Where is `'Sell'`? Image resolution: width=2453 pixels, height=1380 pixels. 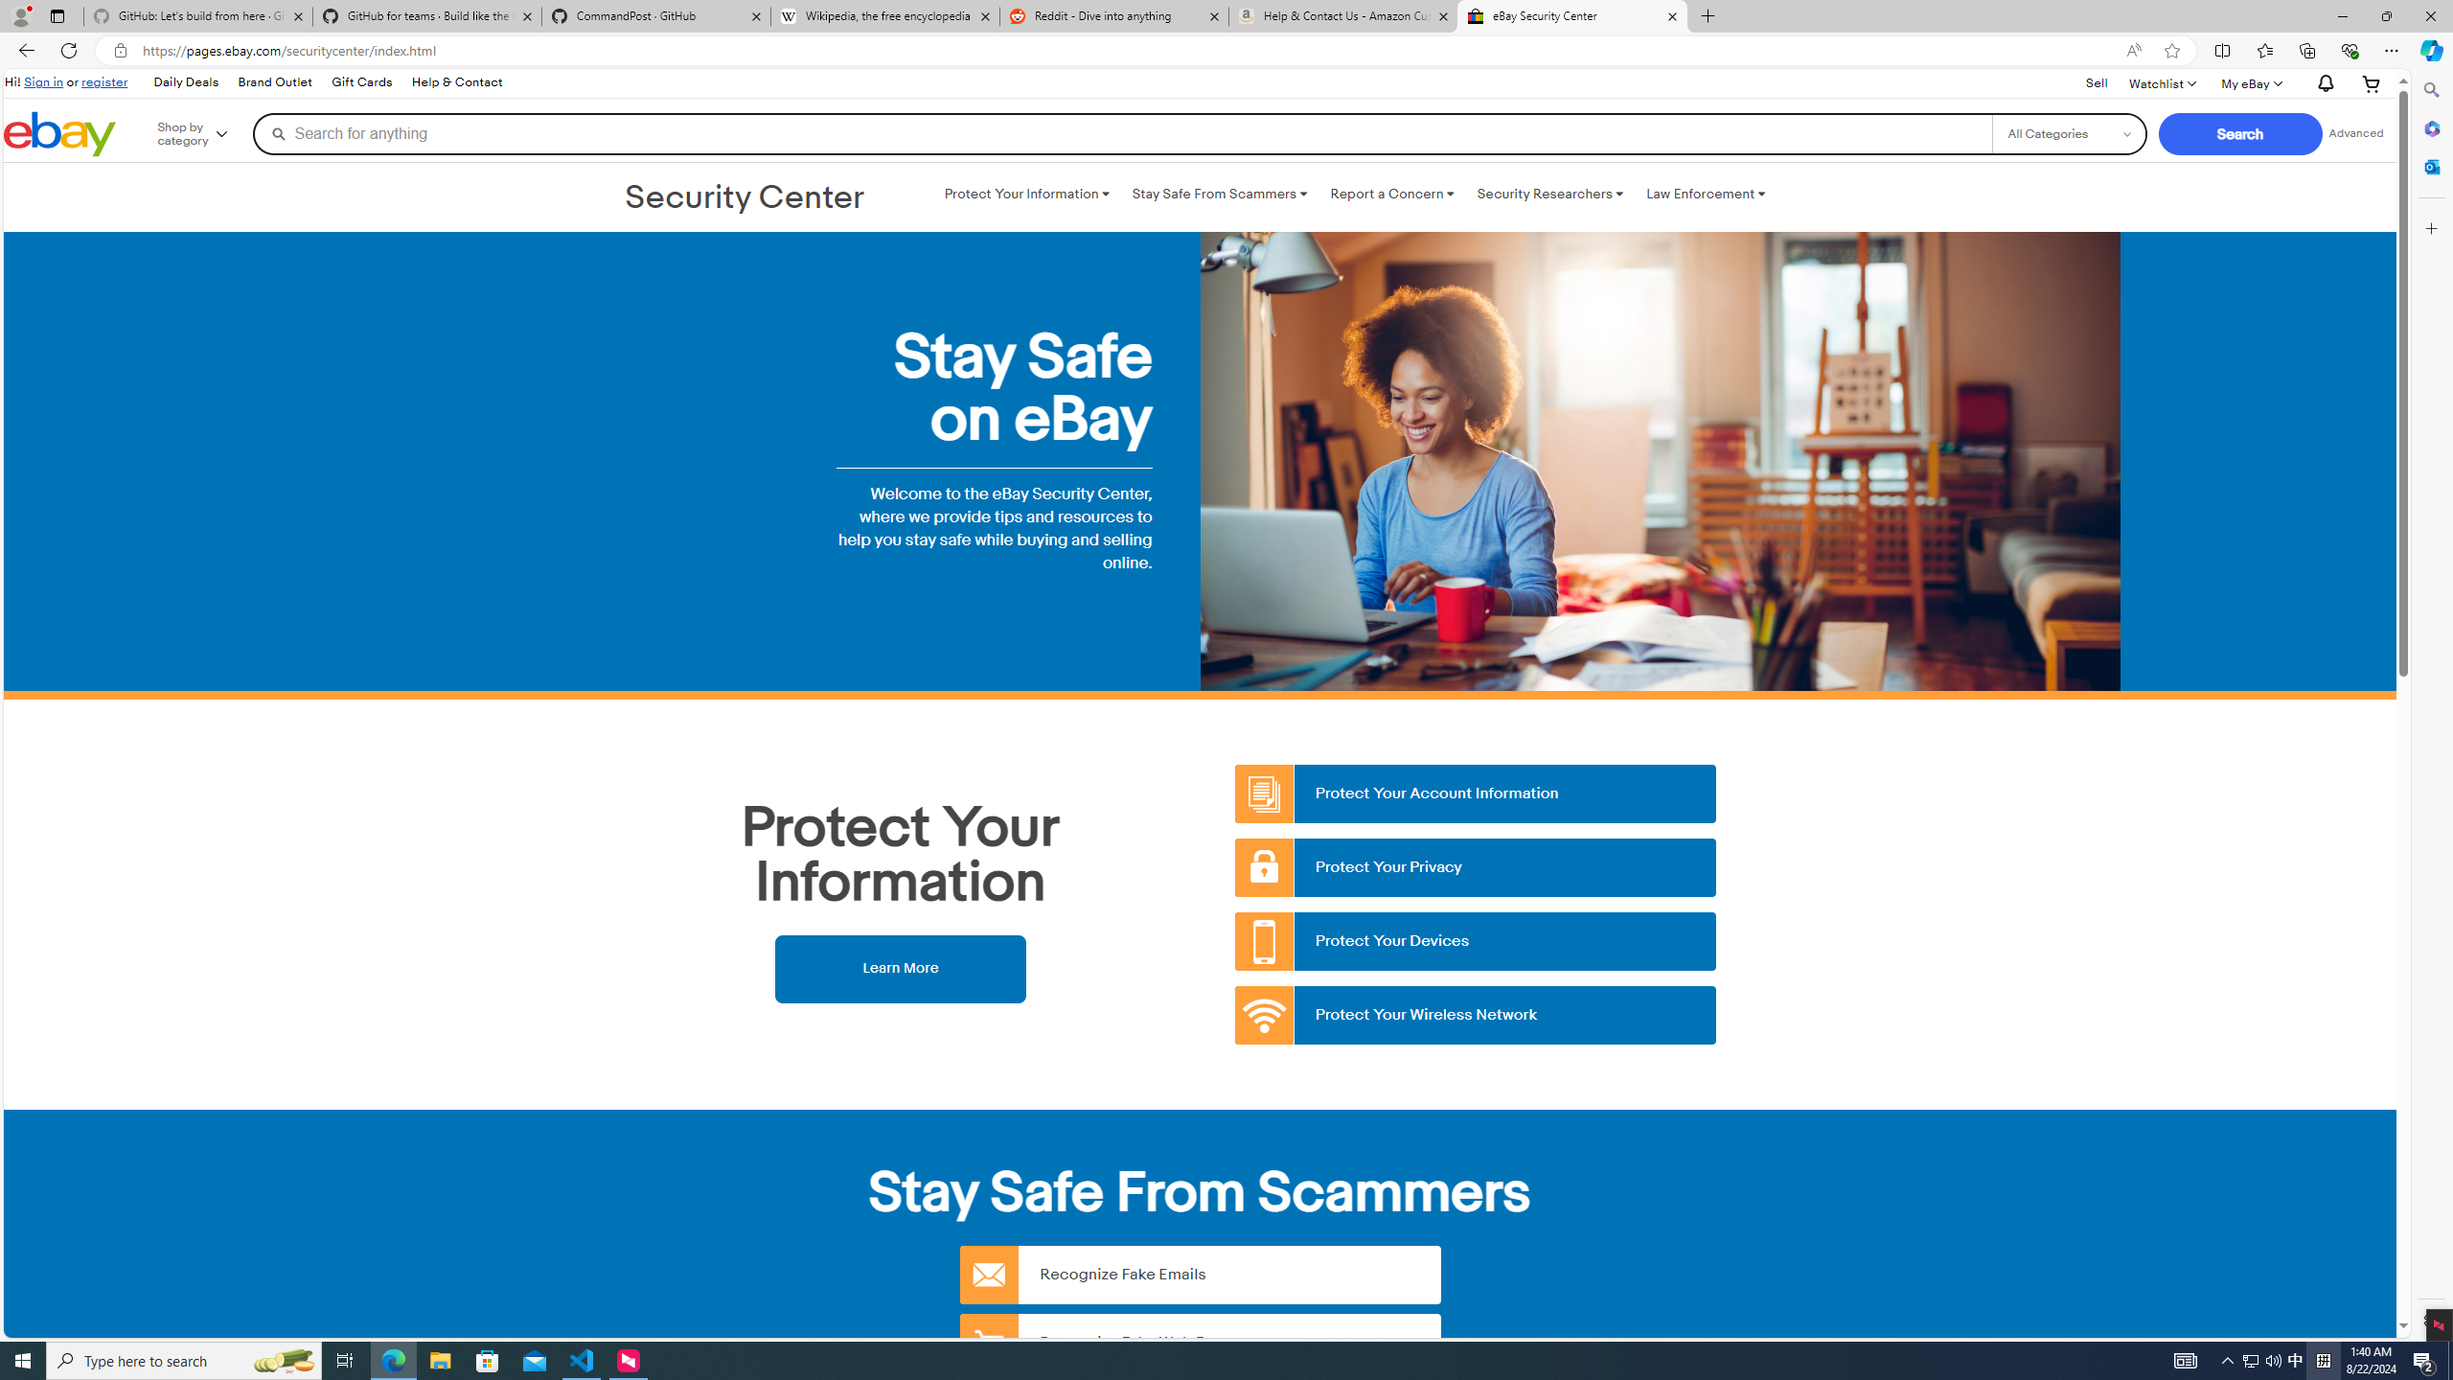
'Sell' is located at coordinates (2097, 83).